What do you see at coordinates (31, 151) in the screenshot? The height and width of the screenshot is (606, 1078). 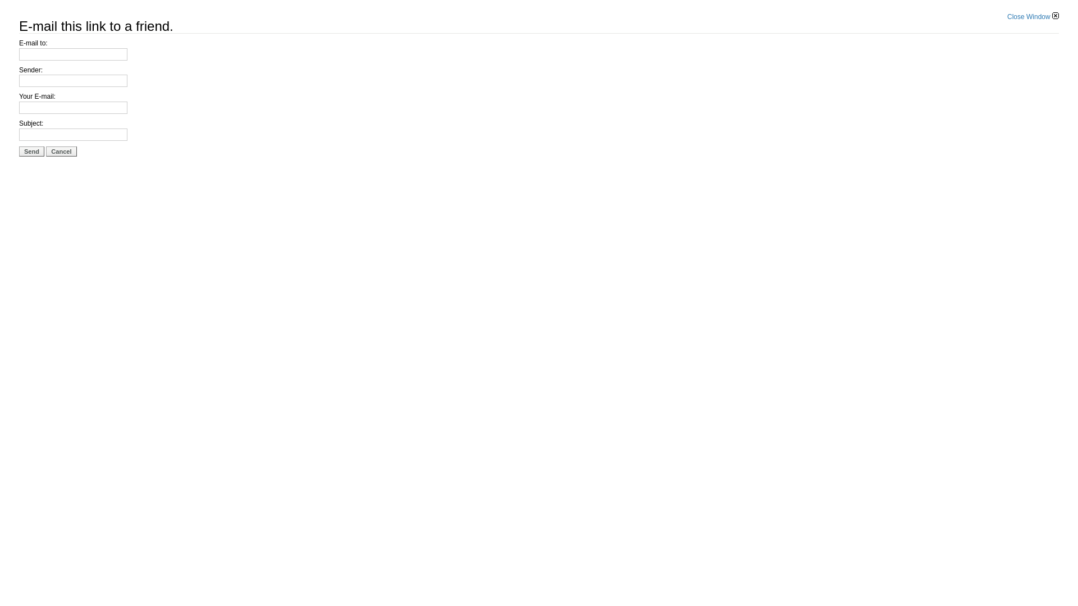 I see `'Send'` at bounding box center [31, 151].